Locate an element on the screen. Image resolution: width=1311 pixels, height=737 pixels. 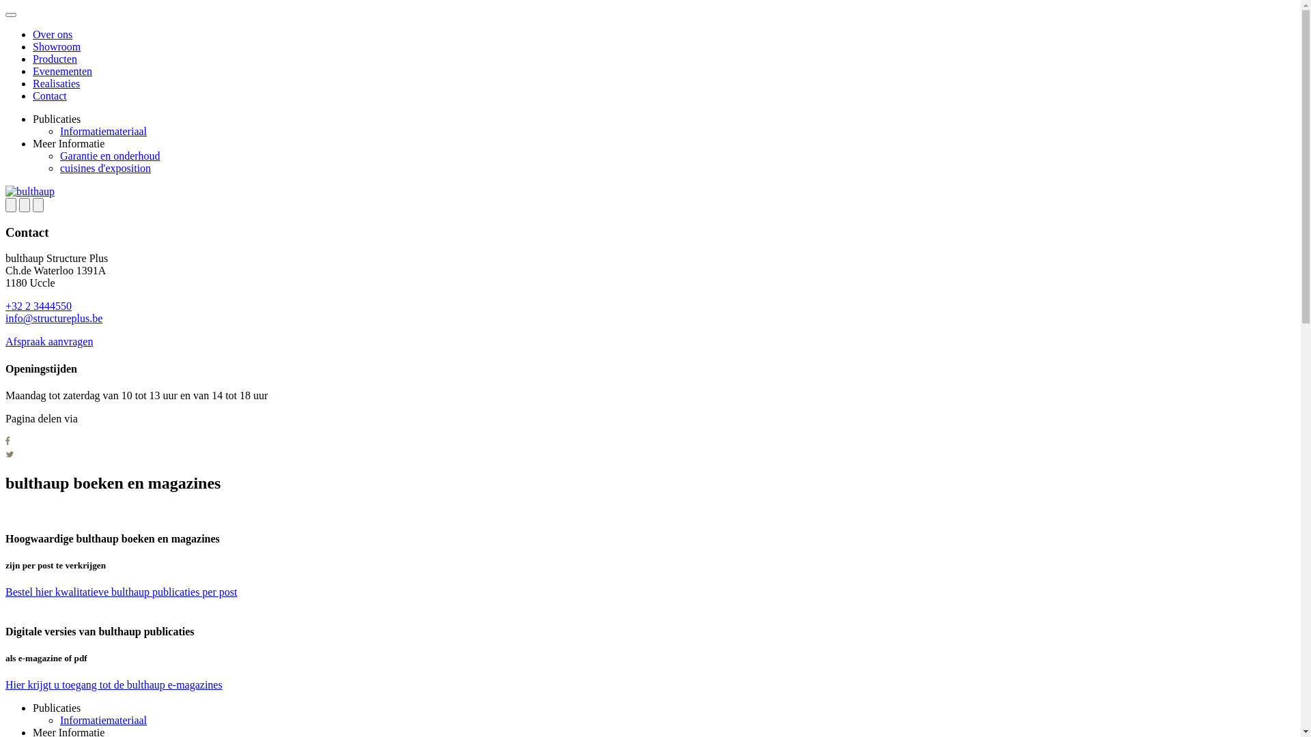
'+32 2 3444550' is located at coordinates (5, 305).